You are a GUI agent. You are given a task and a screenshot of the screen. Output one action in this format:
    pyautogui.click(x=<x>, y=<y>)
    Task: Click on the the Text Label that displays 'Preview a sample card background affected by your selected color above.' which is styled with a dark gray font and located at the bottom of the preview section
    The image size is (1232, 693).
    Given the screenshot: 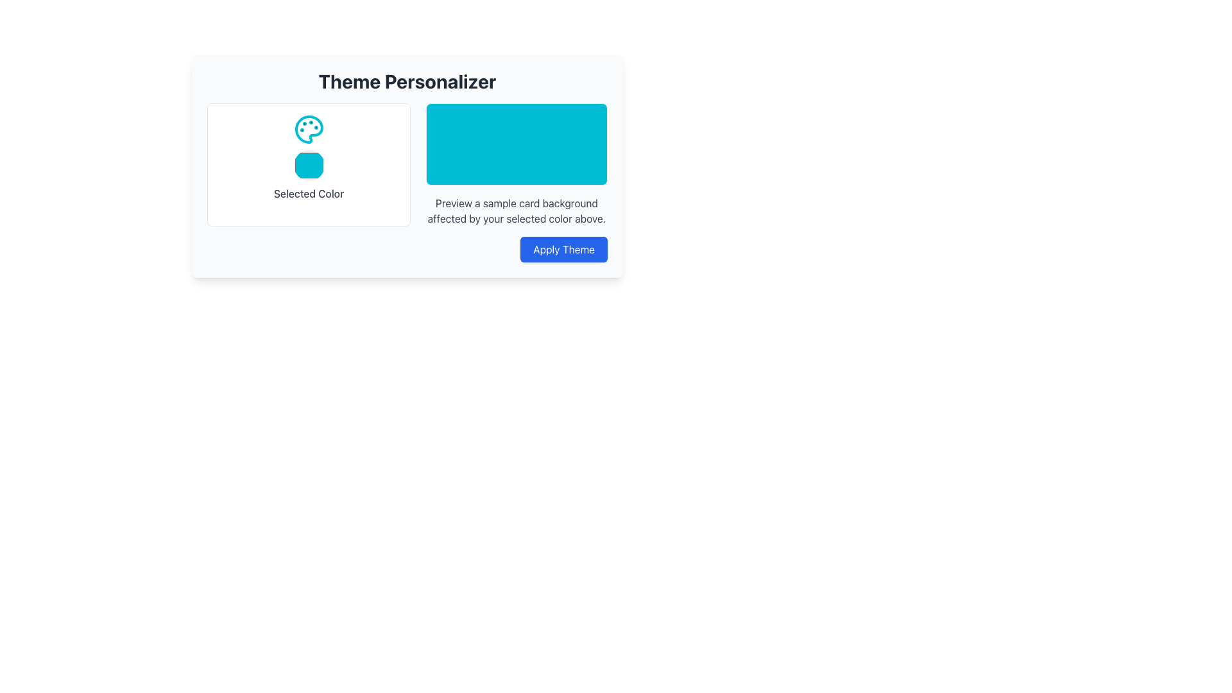 What is the action you would take?
    pyautogui.click(x=517, y=210)
    